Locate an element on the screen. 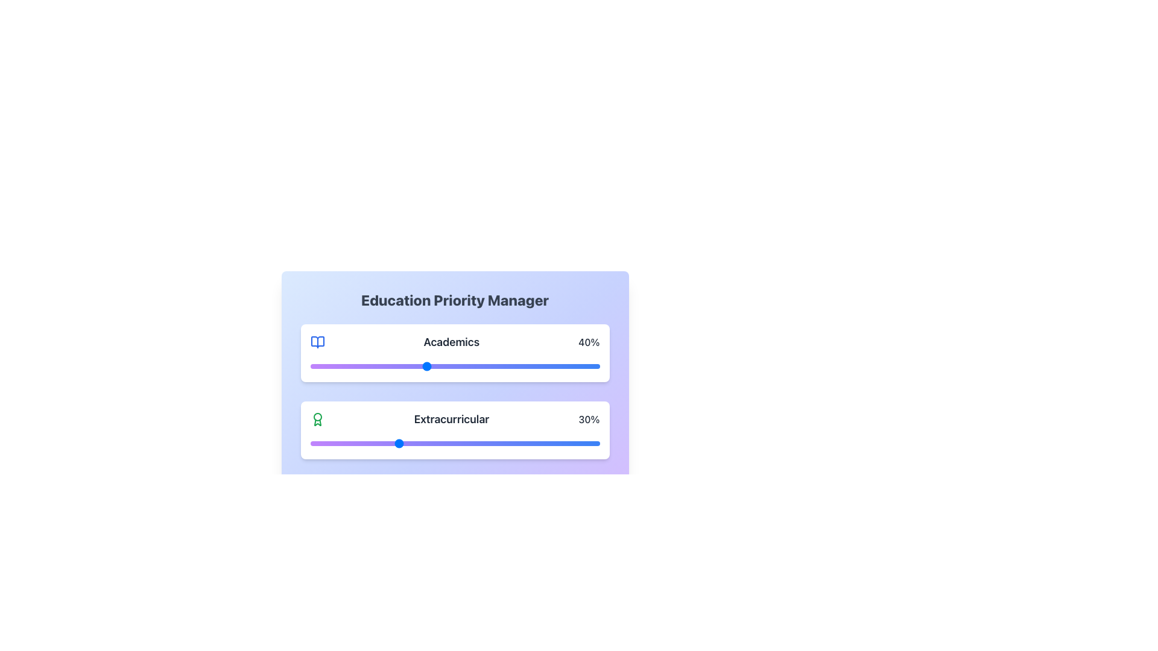  the slider value is located at coordinates (457, 366).